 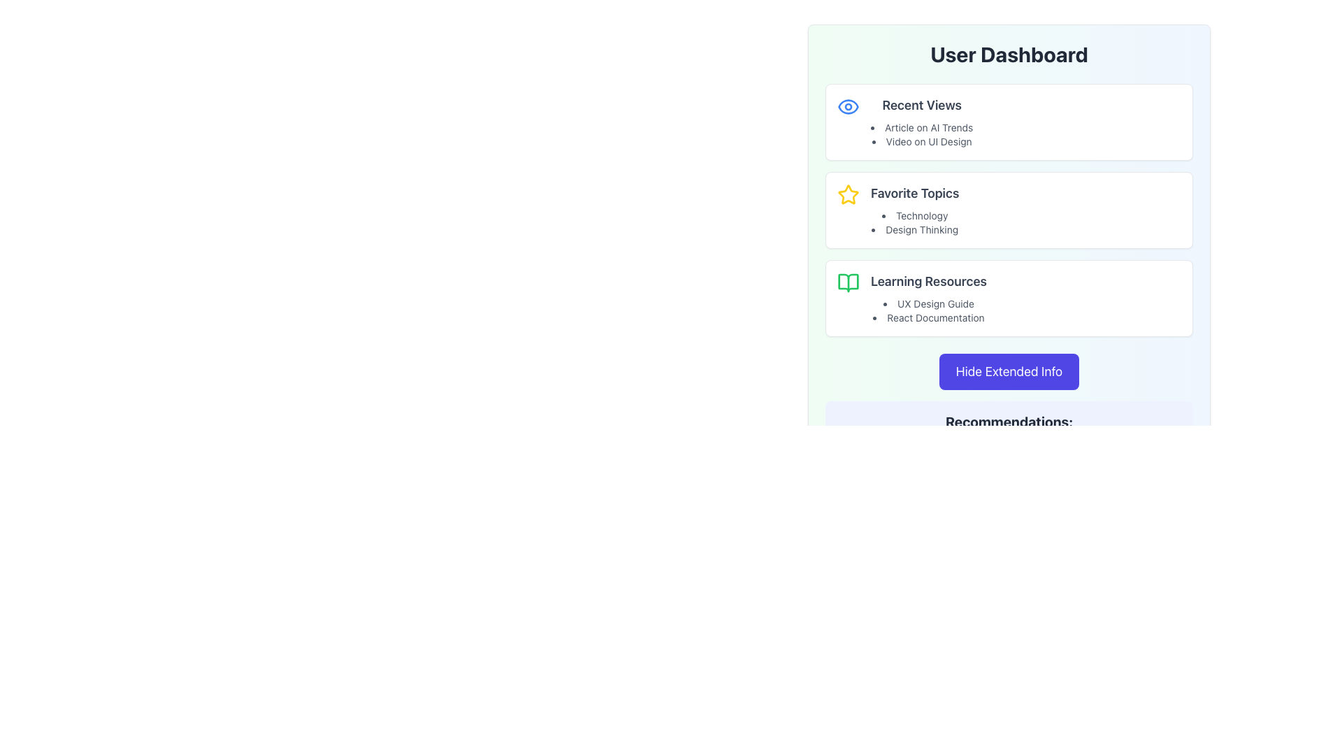 What do you see at coordinates (929, 303) in the screenshot?
I see `the text label reading 'UX Design Guide'` at bounding box center [929, 303].